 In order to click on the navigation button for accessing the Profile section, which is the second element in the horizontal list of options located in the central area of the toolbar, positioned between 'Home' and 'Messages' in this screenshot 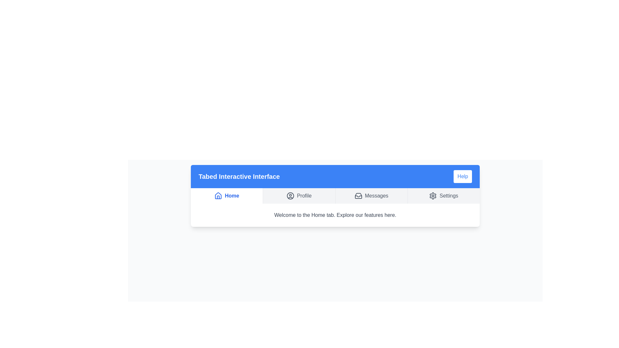, I will do `click(299, 196)`.